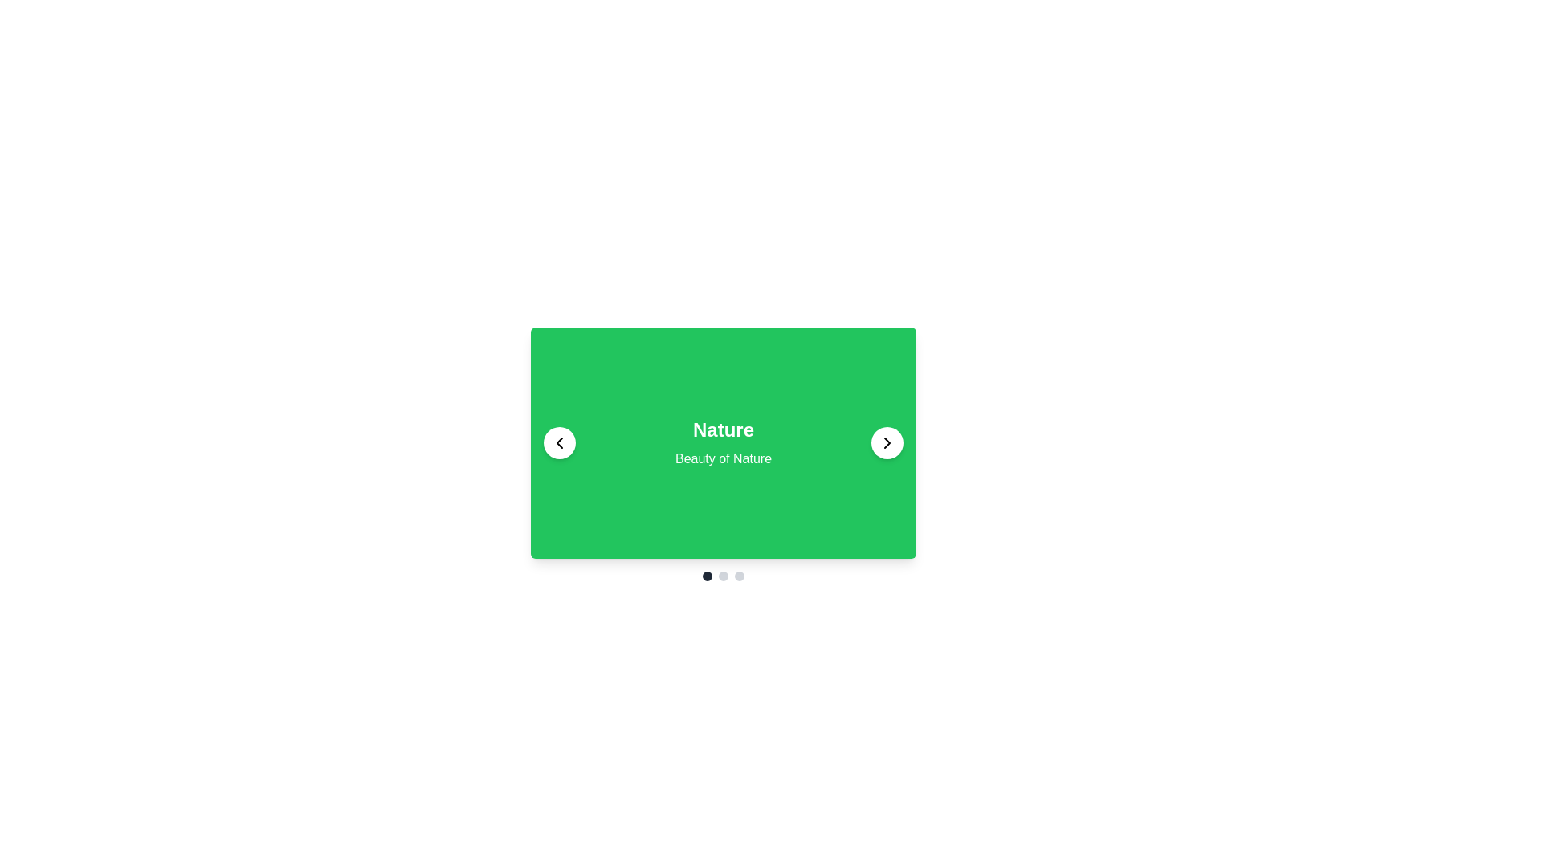 This screenshot has height=867, width=1542. I want to click on the central content display area banner depicting 'Nature', so click(723, 442).